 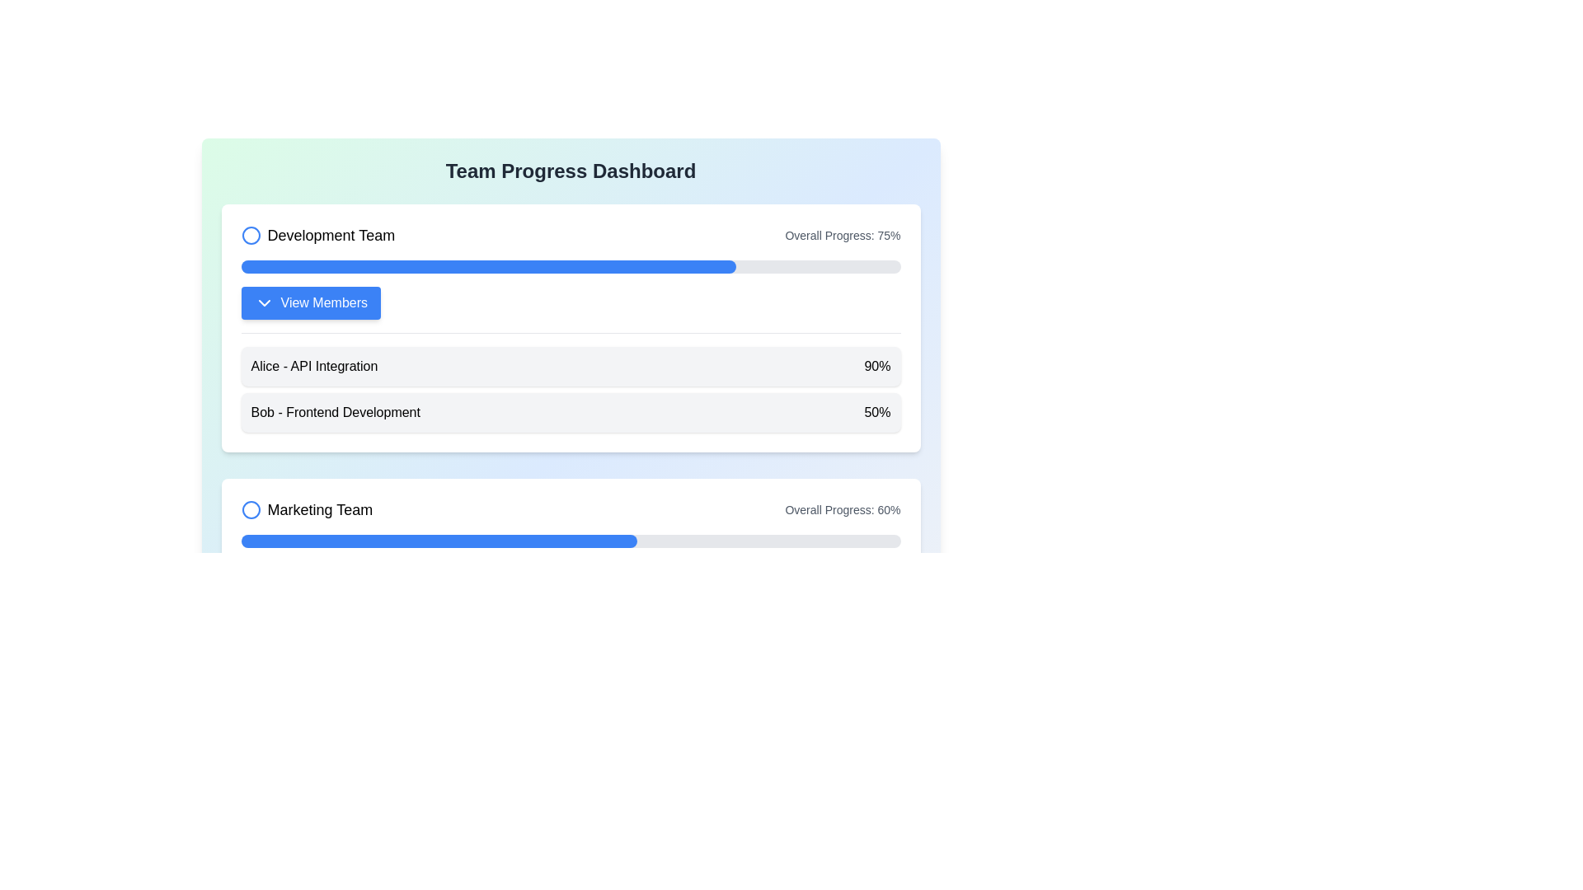 What do you see at coordinates (439, 541) in the screenshot?
I see `the visual representation of the progress bar element located below the 'Marketing Team' heading, which is a horizontal blue bar indicating 60% progress` at bounding box center [439, 541].